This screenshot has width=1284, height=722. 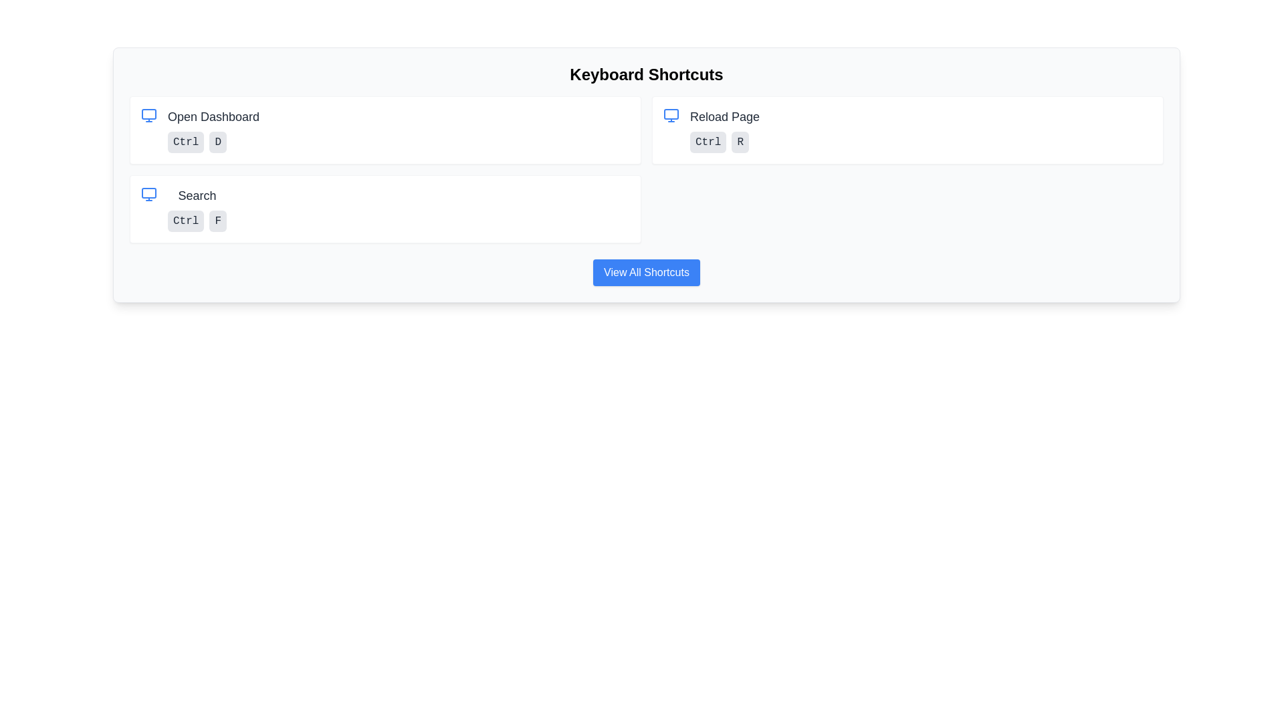 I want to click on the static visual indicator resembling a button labeled 'Ctrl', which is styled to look like a keyboard shortcut button and is located within the 'Open Dashboard' section, so click(x=185, y=142).